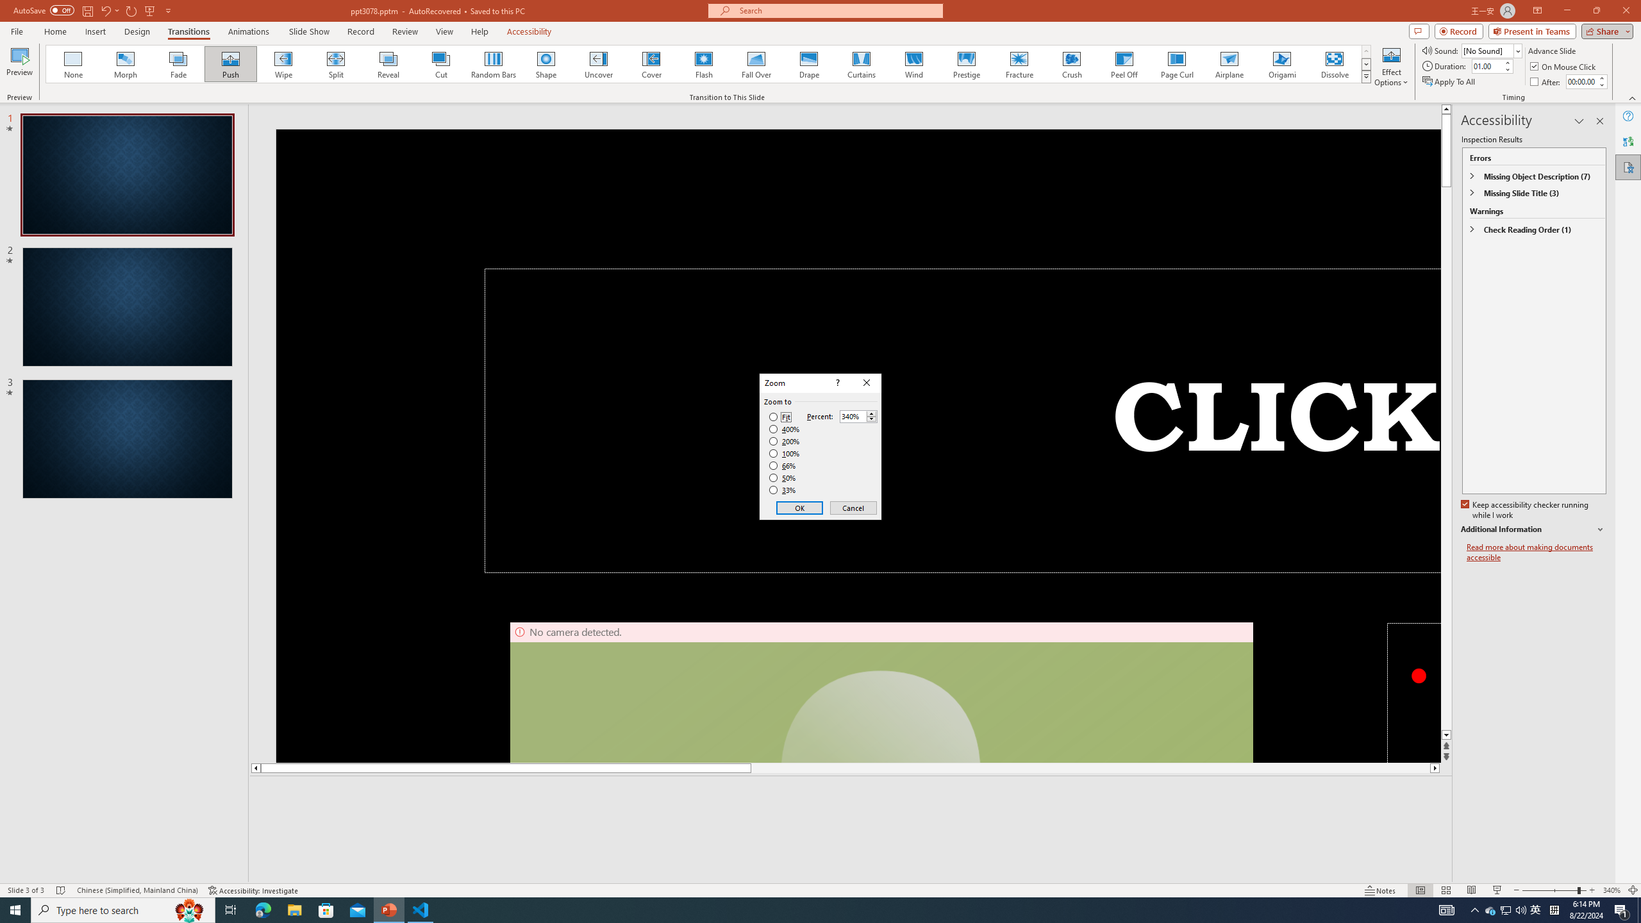 This screenshot has width=1641, height=923. I want to click on '33%', so click(783, 490).